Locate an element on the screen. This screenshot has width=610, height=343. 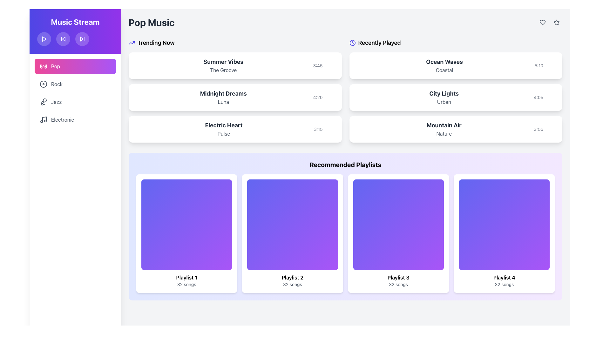
text label displaying 'Pop', which is styled with white text on a gradient background from pink to purple, located in the left sidebar of the interface, positioned centrally within a rounded rectangle is located at coordinates (56, 66).